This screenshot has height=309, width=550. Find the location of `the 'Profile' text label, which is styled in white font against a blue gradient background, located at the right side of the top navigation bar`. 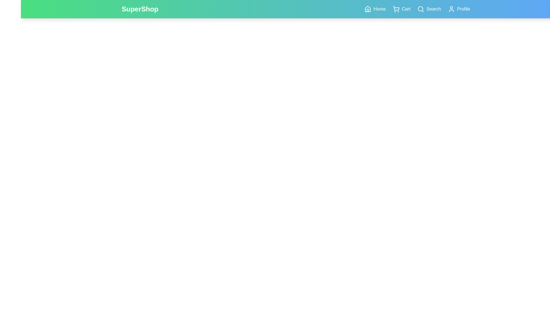

the 'Profile' text label, which is styled in white font against a blue gradient background, located at the right side of the top navigation bar is located at coordinates (463, 9).